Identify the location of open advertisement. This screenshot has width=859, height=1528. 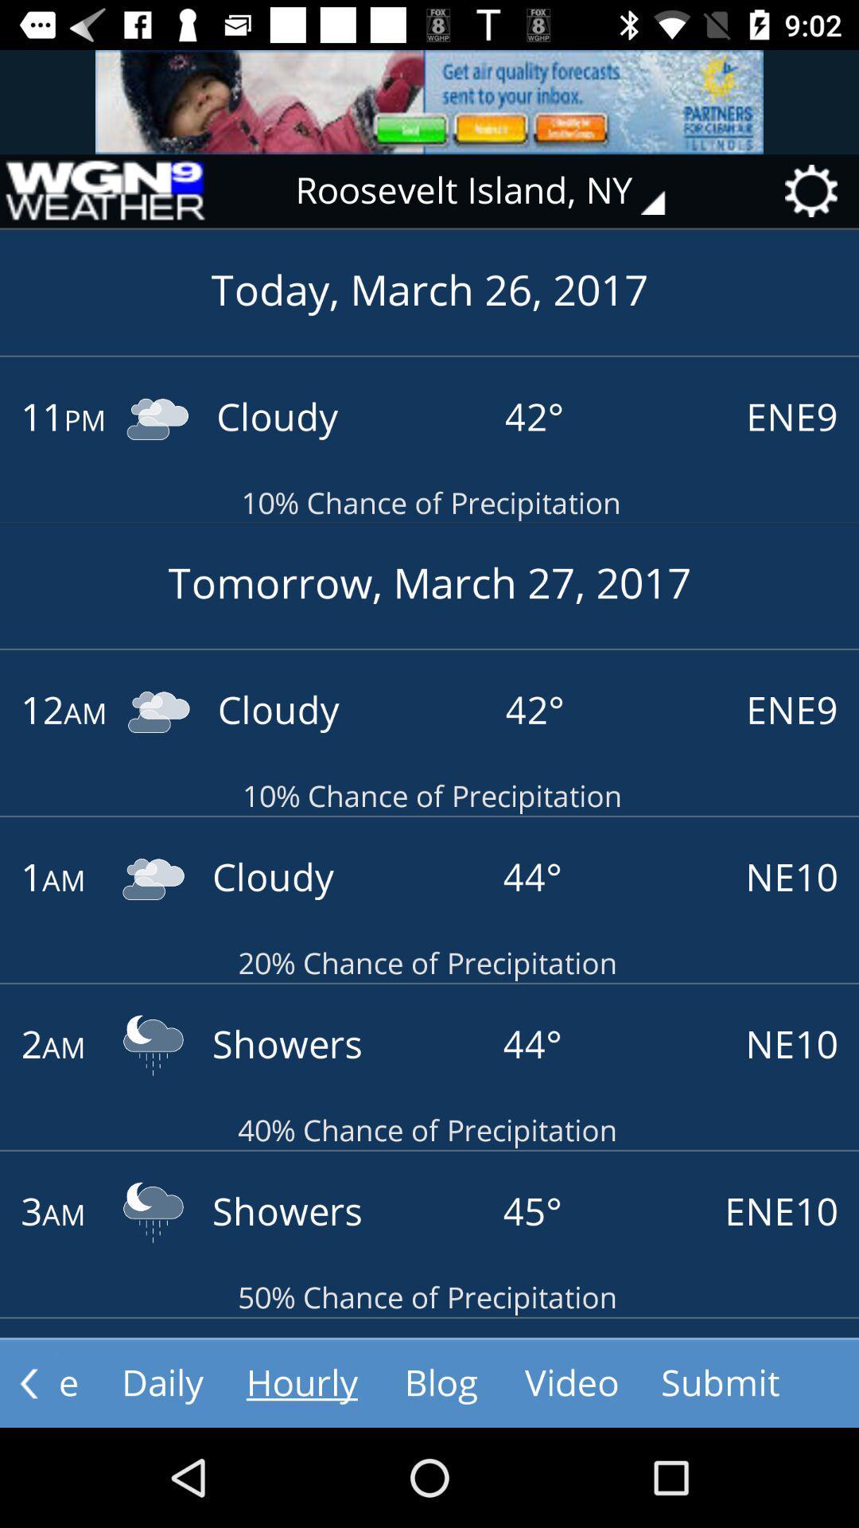
(429, 101).